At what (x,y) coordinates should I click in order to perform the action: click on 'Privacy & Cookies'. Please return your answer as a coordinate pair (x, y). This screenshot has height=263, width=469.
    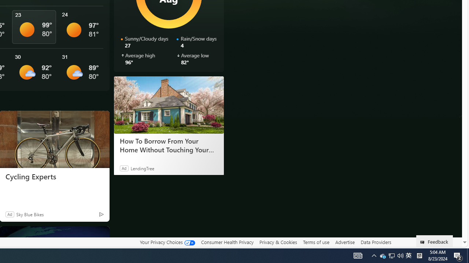
    Looking at the image, I should click on (278, 242).